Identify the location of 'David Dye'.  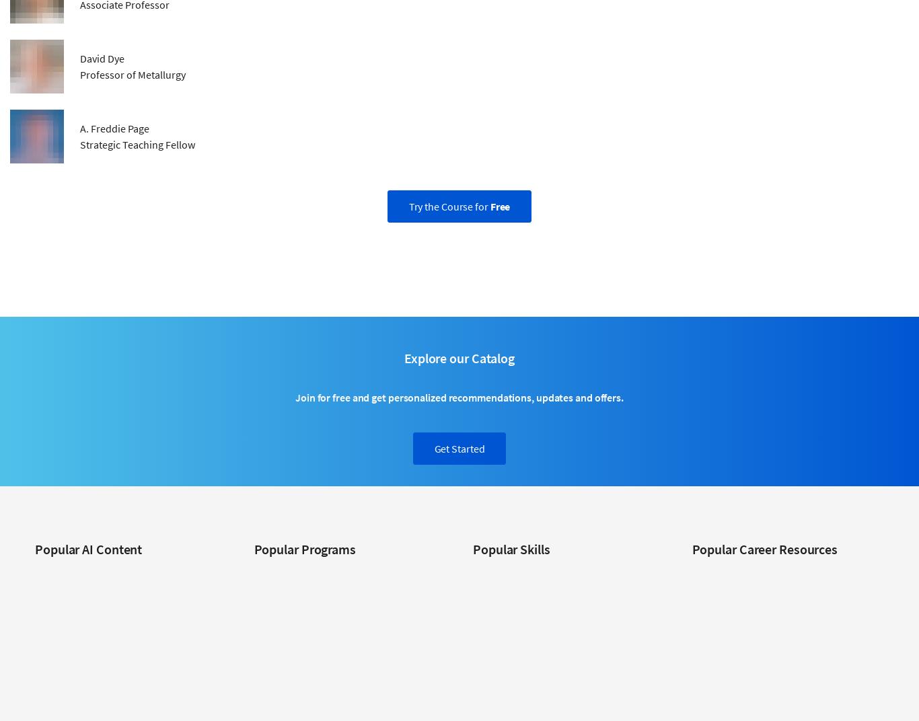
(102, 57).